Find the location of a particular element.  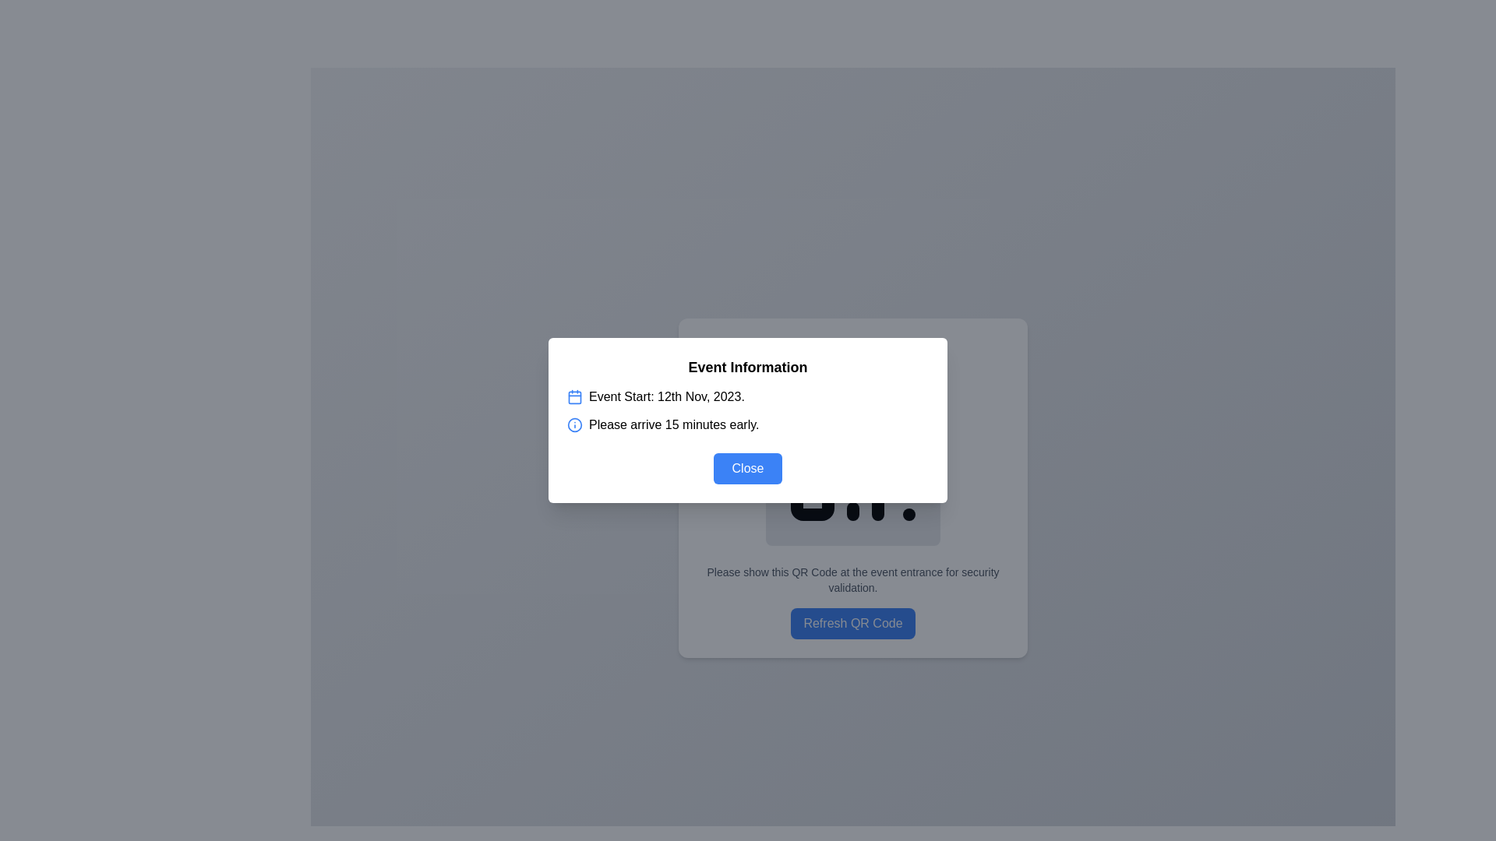

the blue-colored calendar icon located to the left of the text 'Event Start: 12th Nov, 2023.' is located at coordinates (574, 396).